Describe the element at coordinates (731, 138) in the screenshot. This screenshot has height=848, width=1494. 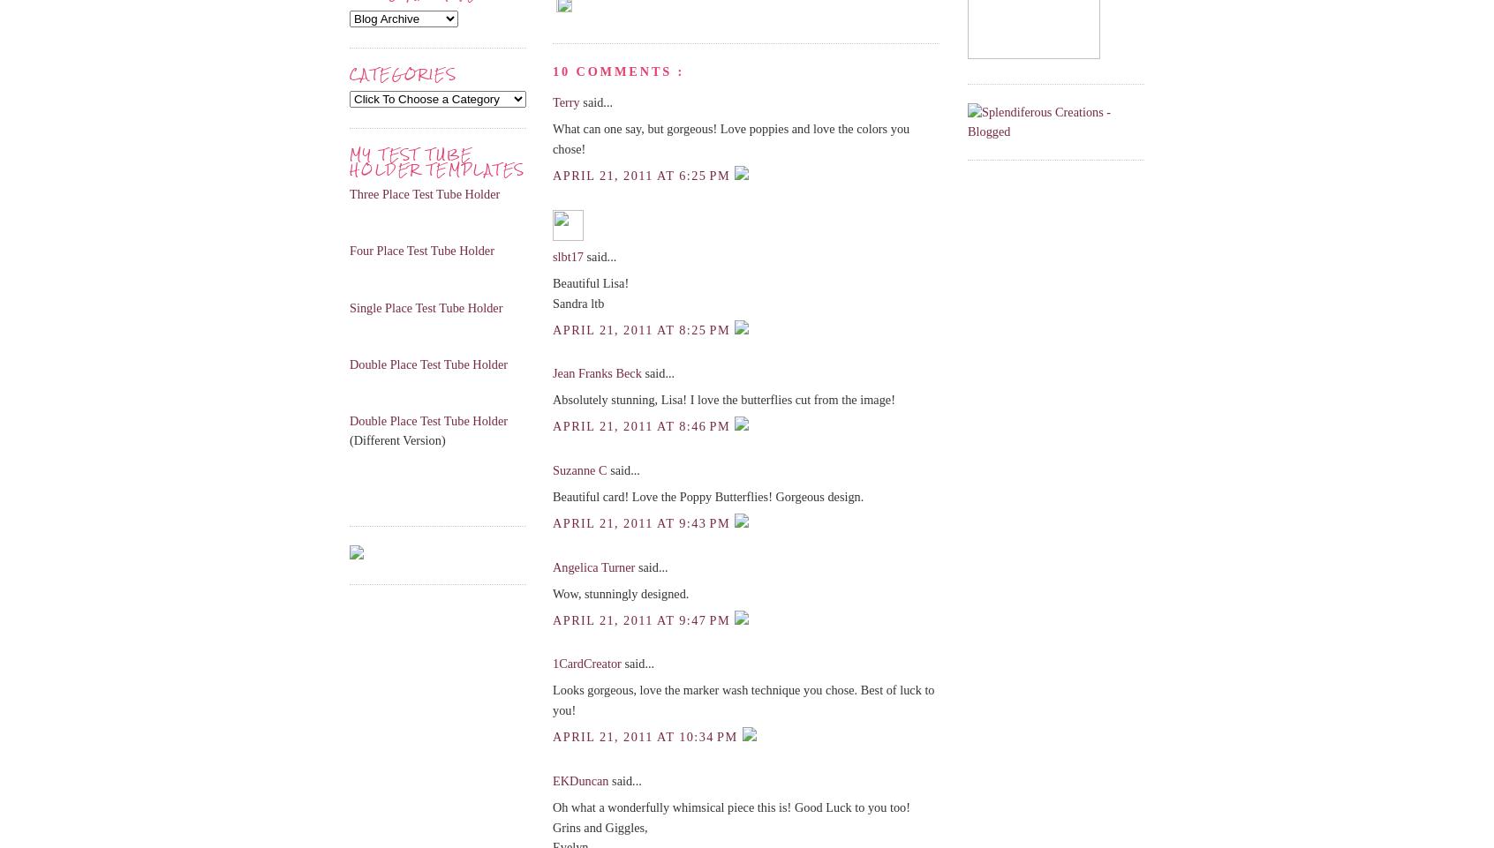
I see `'What can one say, but gorgeous!  Love poppies and love the colors you chose!'` at that location.